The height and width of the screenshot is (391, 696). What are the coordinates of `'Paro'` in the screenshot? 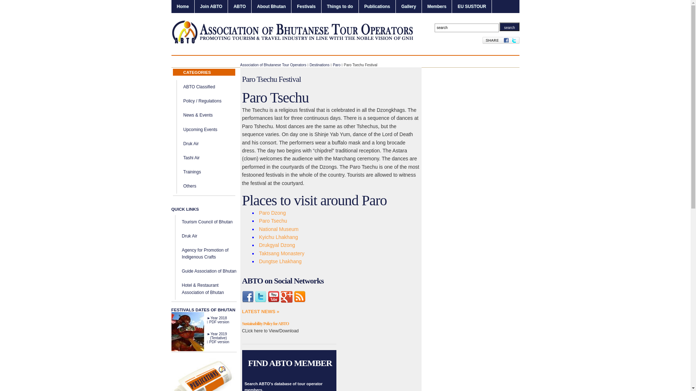 It's located at (336, 64).